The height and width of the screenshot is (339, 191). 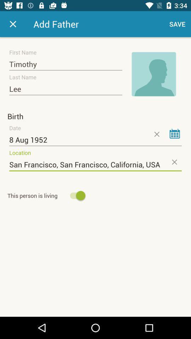 What do you see at coordinates (156, 134) in the screenshot?
I see `the close icon` at bounding box center [156, 134].